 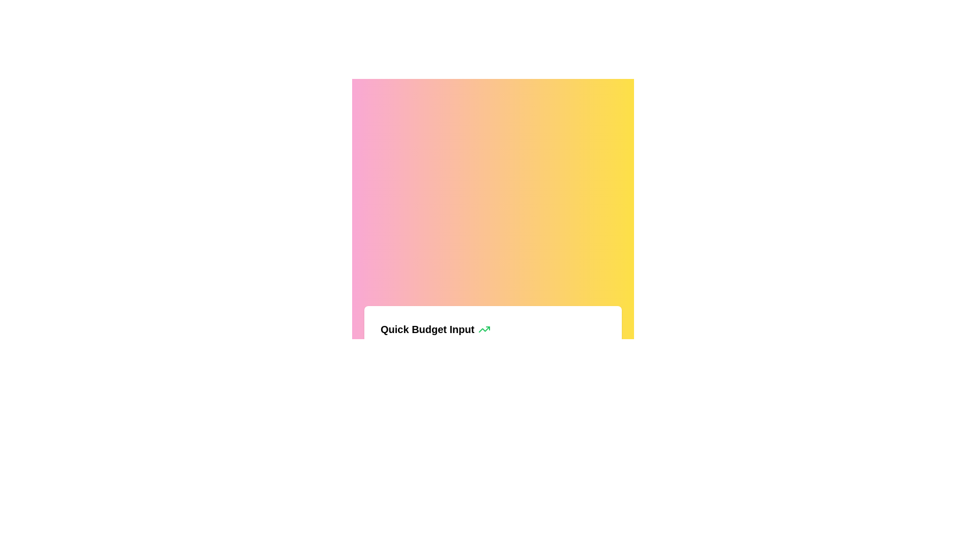 What do you see at coordinates (493, 329) in the screenshot?
I see `the title text 'Quick Budget Input' with an upward trending green arrow icon located at the top-left corner of the panel` at bounding box center [493, 329].